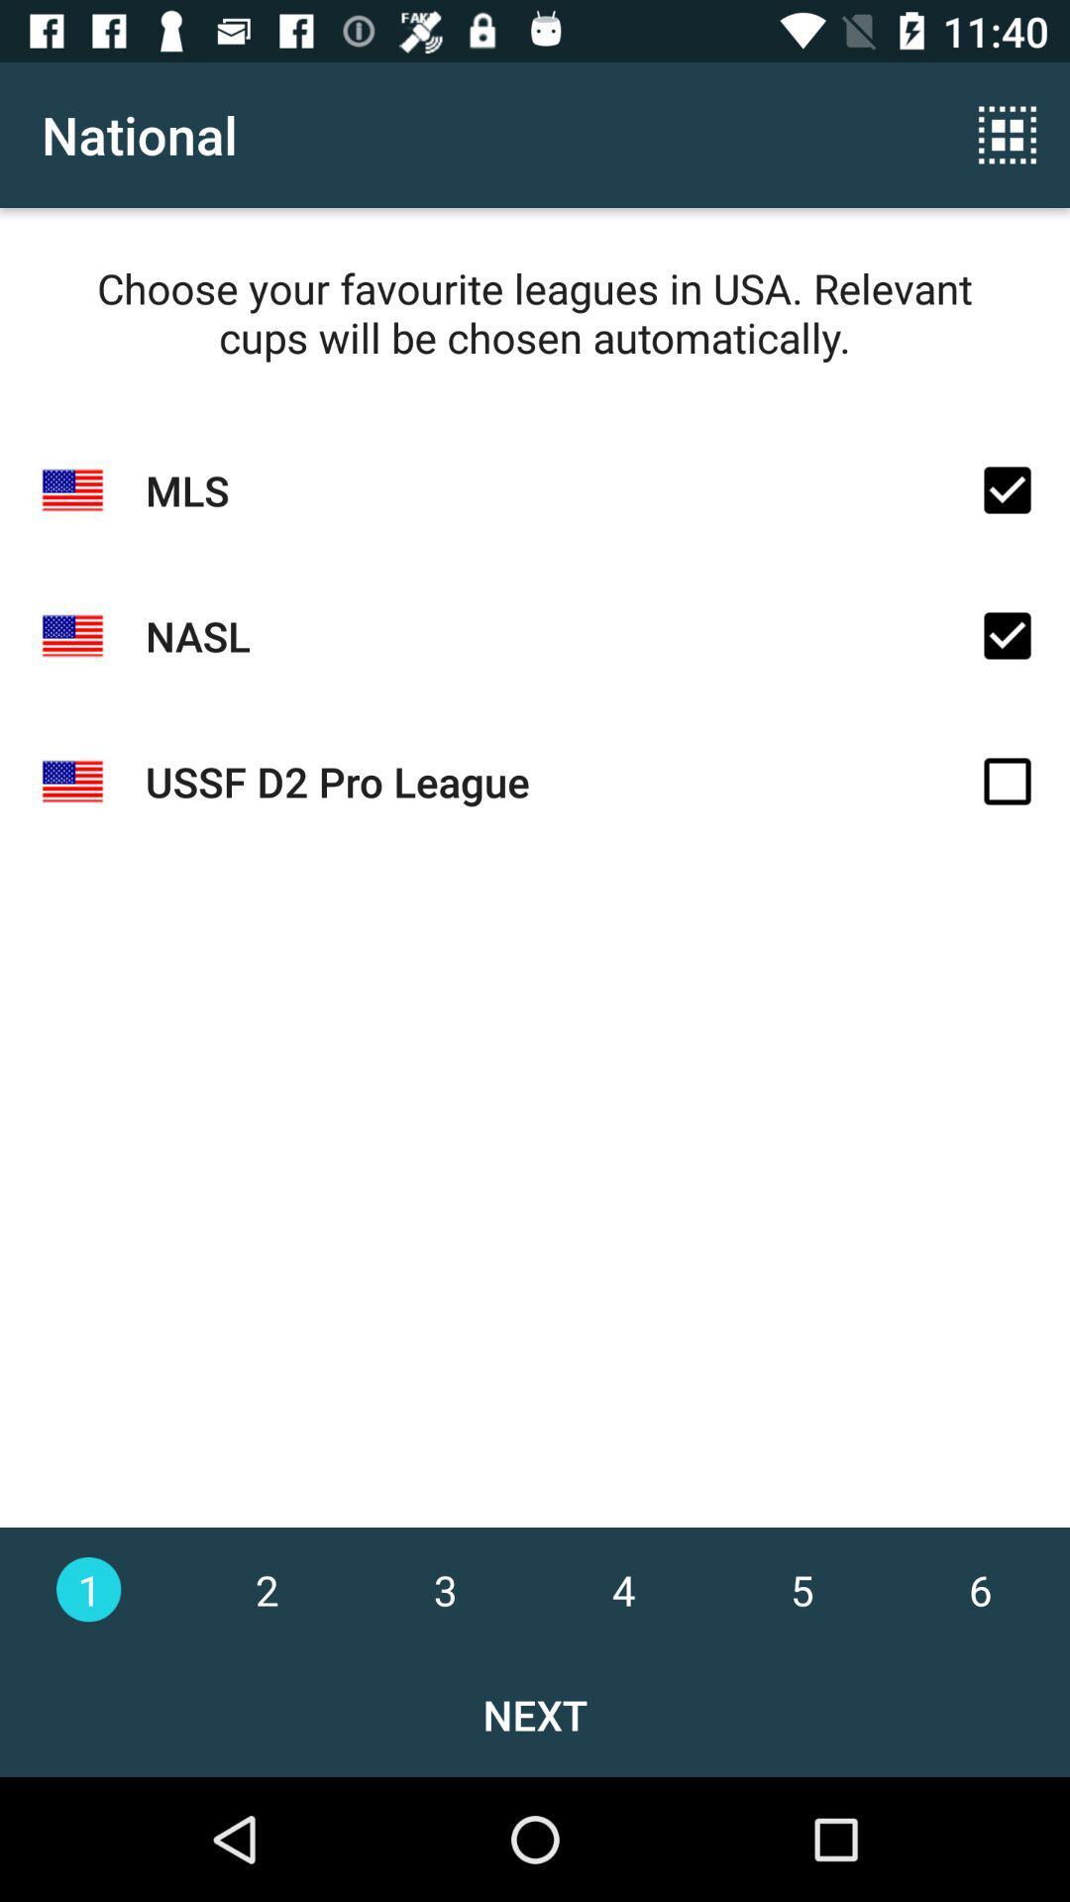 The image size is (1070, 1902). Describe the element at coordinates (71, 781) in the screenshot. I see `the third flag icon from top` at that location.